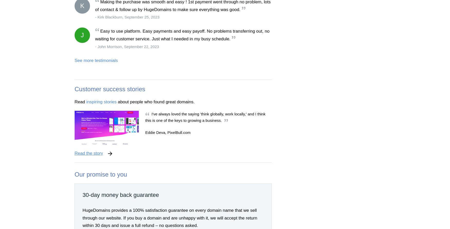 This screenshot has height=229, width=450. I want to click on 'Read the story', so click(88, 153).